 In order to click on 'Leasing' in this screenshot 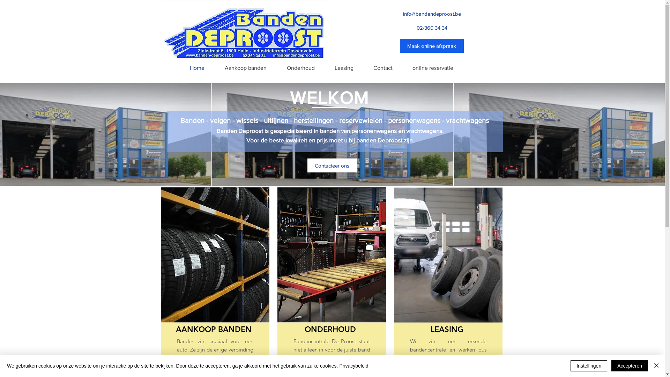, I will do `click(344, 68)`.